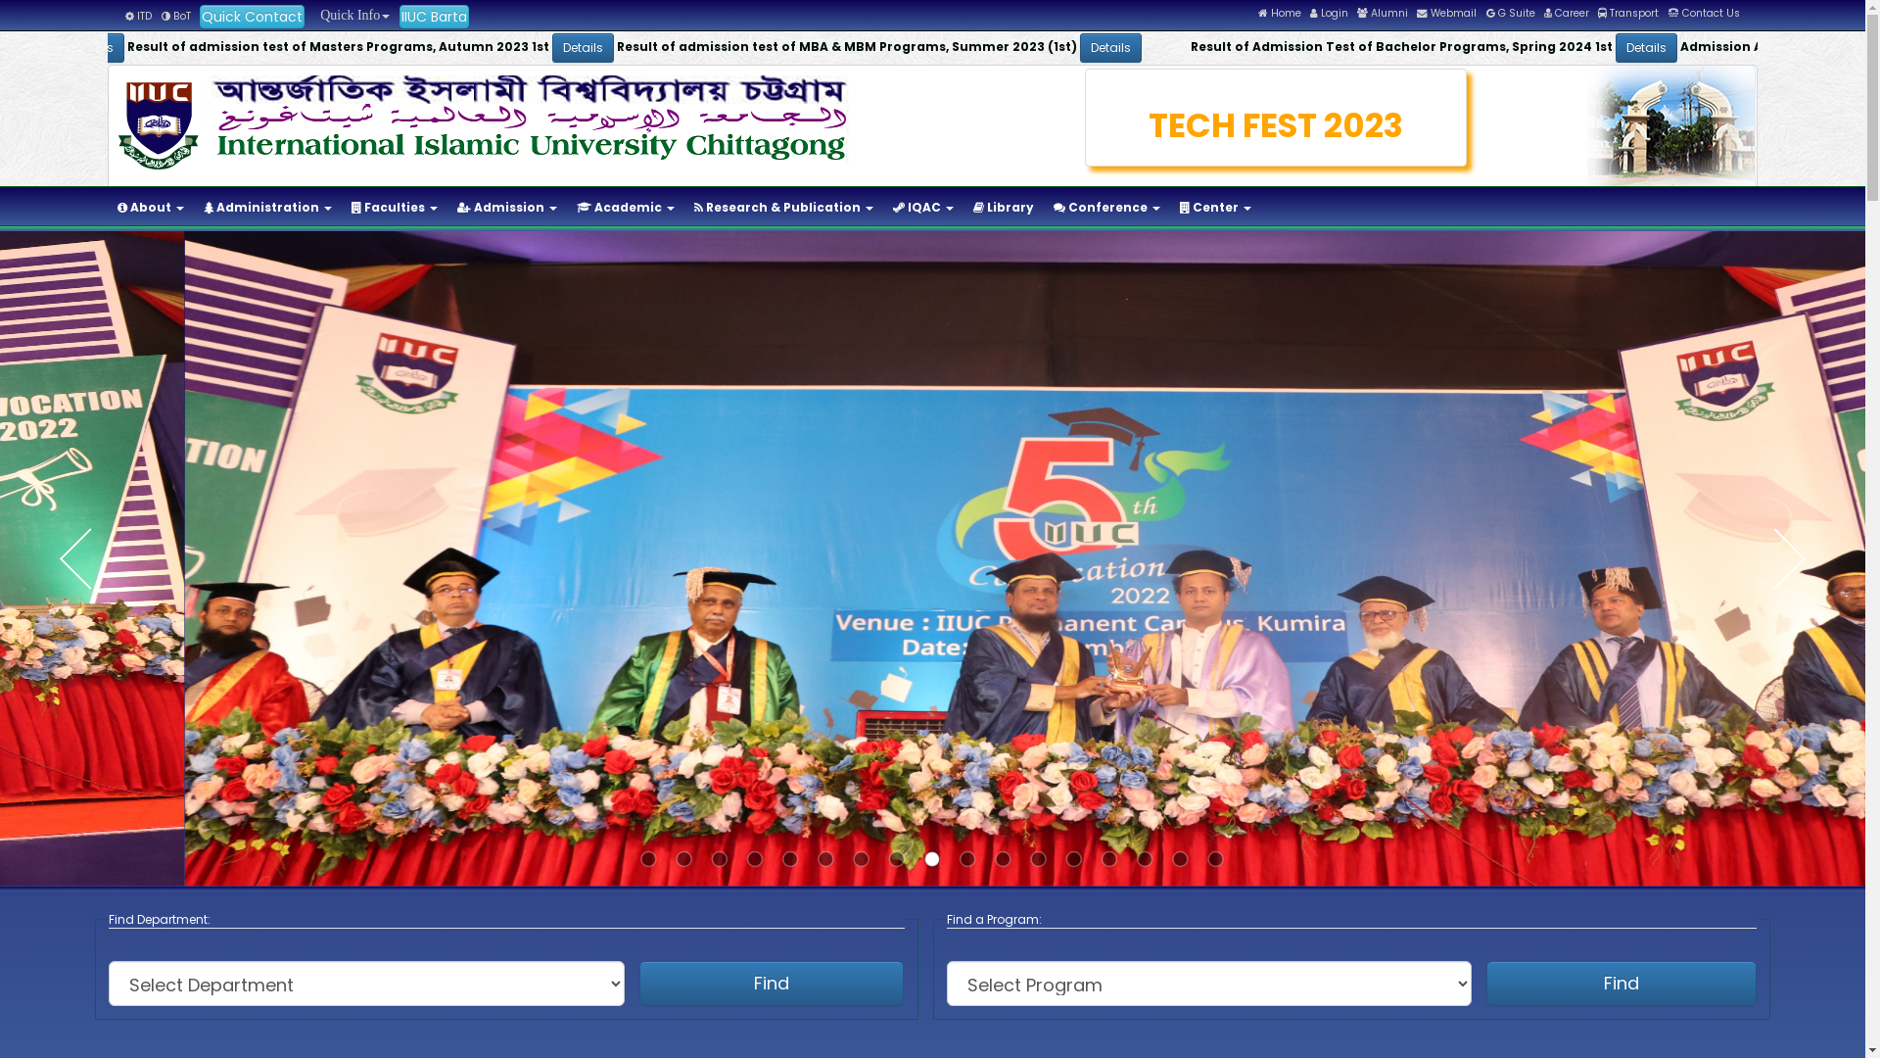 This screenshot has height=1058, width=1880. Describe the element at coordinates (352, 15) in the screenshot. I see `'  Quick Info'` at that location.